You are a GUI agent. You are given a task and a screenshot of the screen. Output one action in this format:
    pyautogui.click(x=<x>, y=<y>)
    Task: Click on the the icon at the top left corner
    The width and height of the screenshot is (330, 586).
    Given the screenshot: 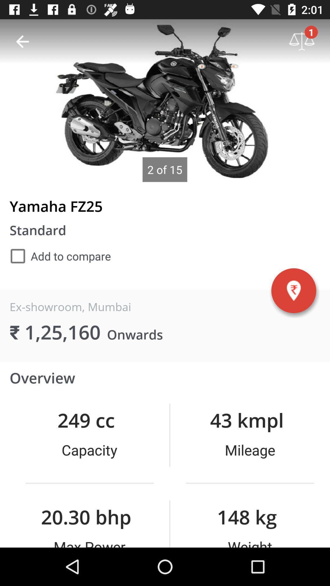 What is the action you would take?
    pyautogui.click(x=22, y=41)
    